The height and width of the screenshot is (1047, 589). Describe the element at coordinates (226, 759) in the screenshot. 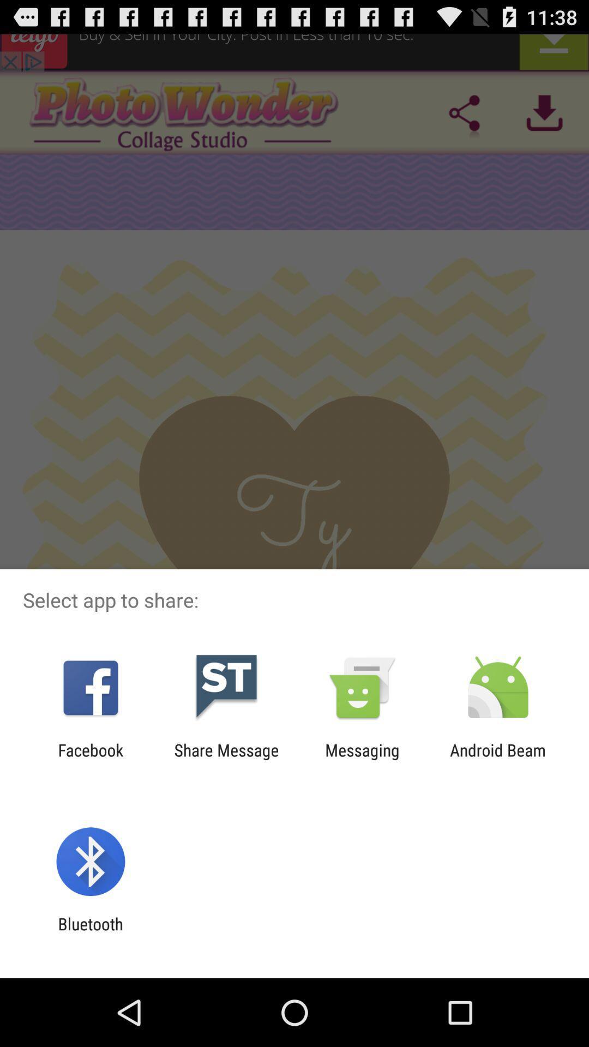

I see `the app next to messaging icon` at that location.